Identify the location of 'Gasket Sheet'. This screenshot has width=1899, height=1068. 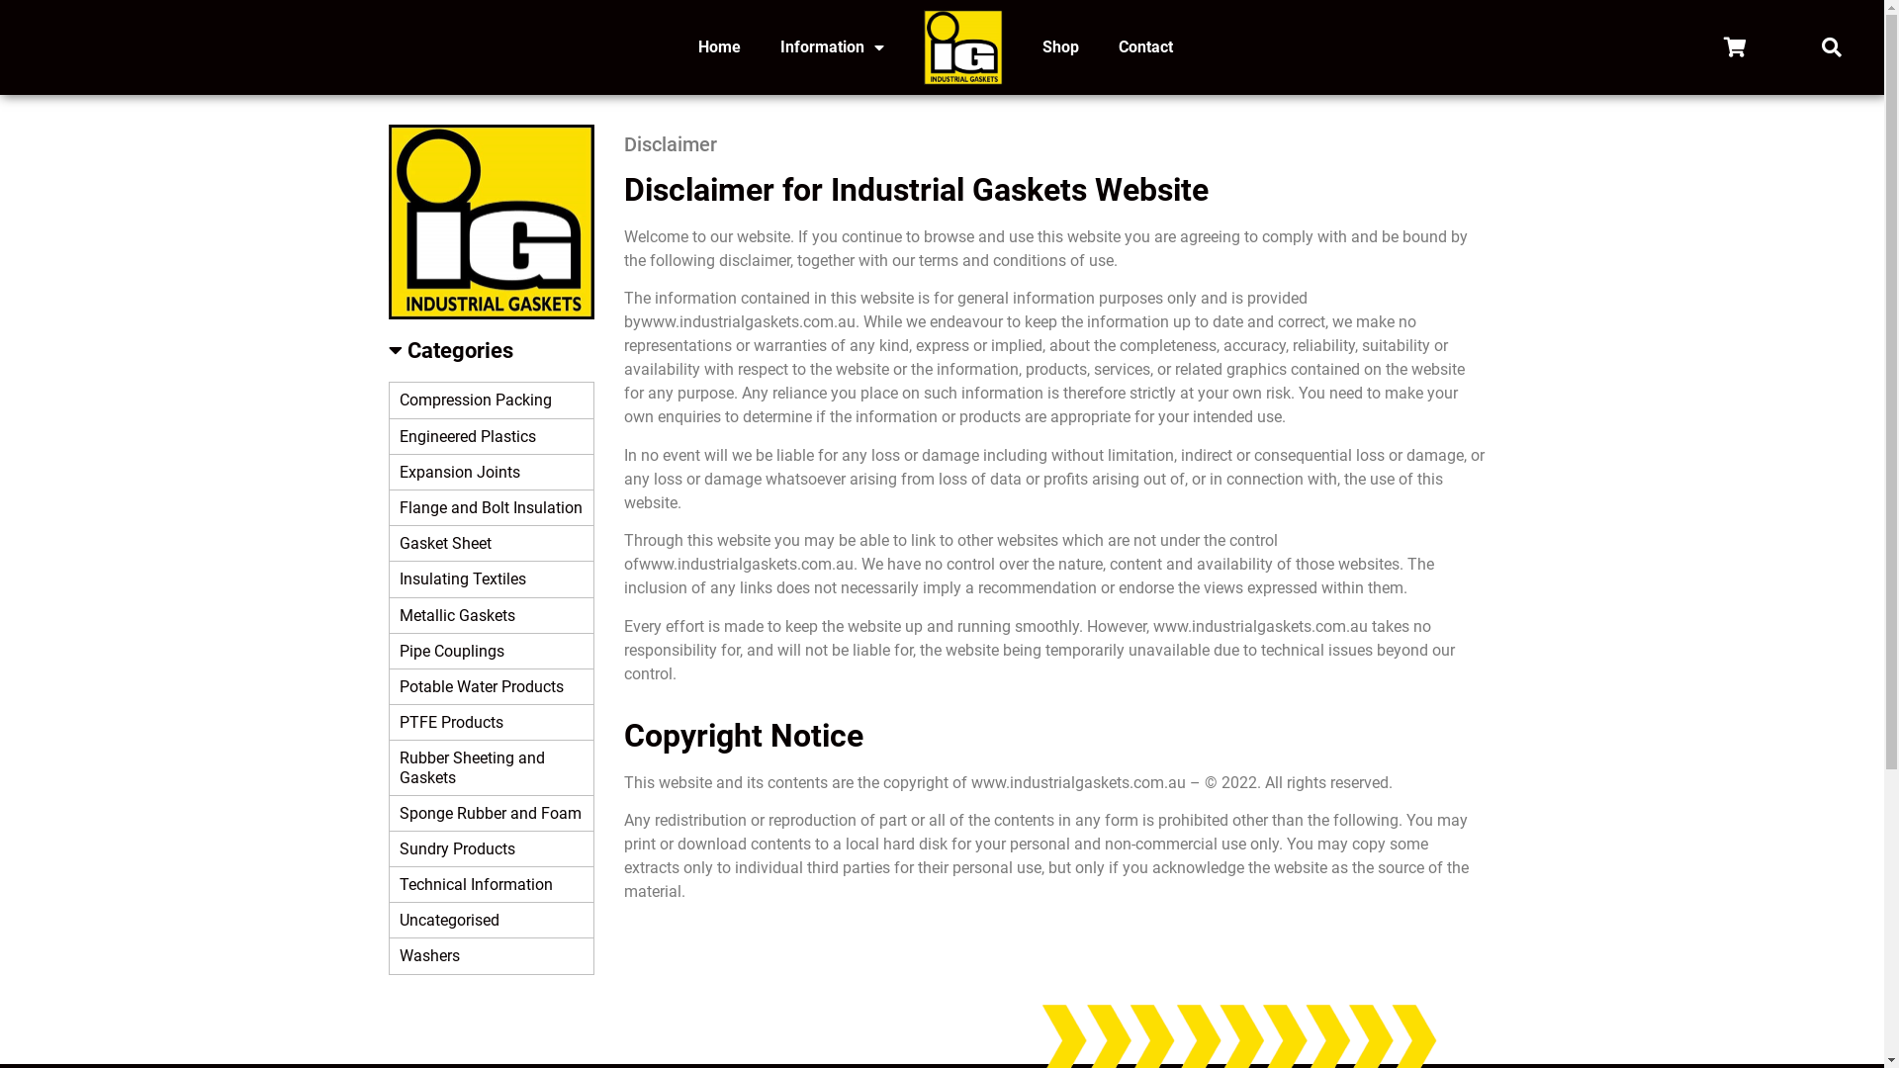
(492, 544).